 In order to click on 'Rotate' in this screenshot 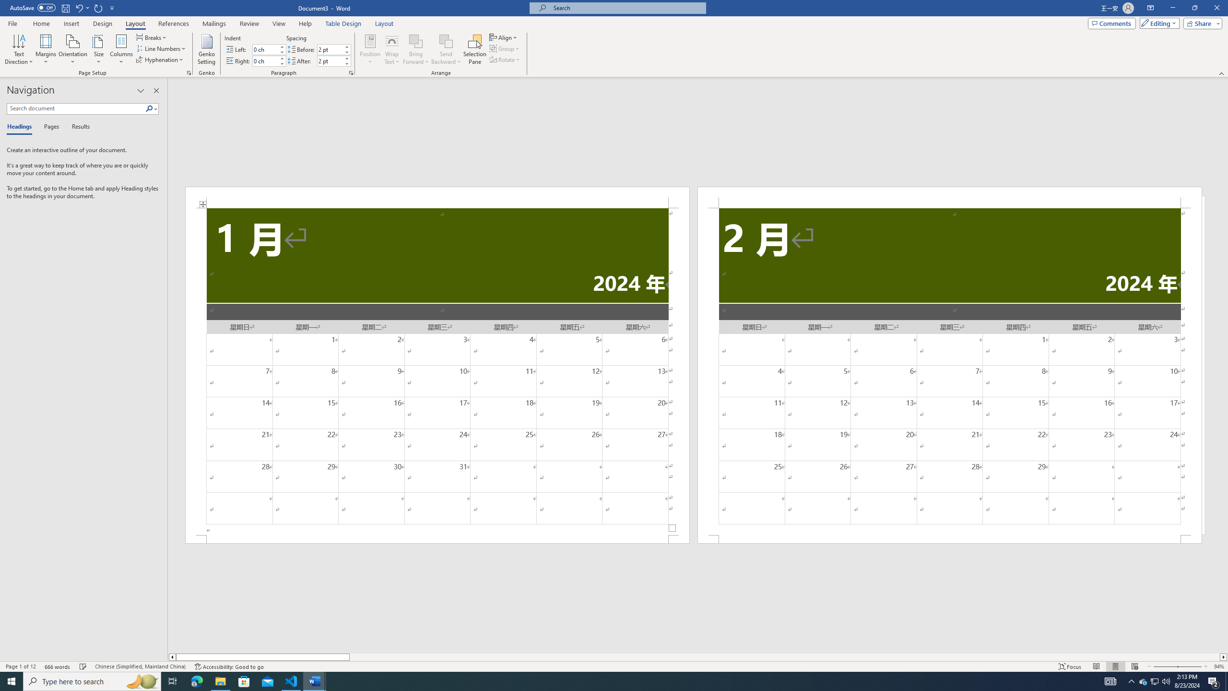, I will do `click(505, 59)`.